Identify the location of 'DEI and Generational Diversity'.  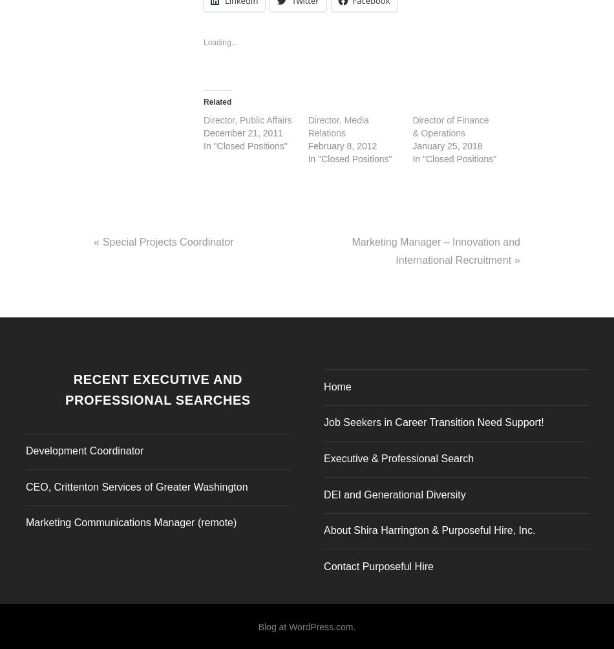
(394, 491).